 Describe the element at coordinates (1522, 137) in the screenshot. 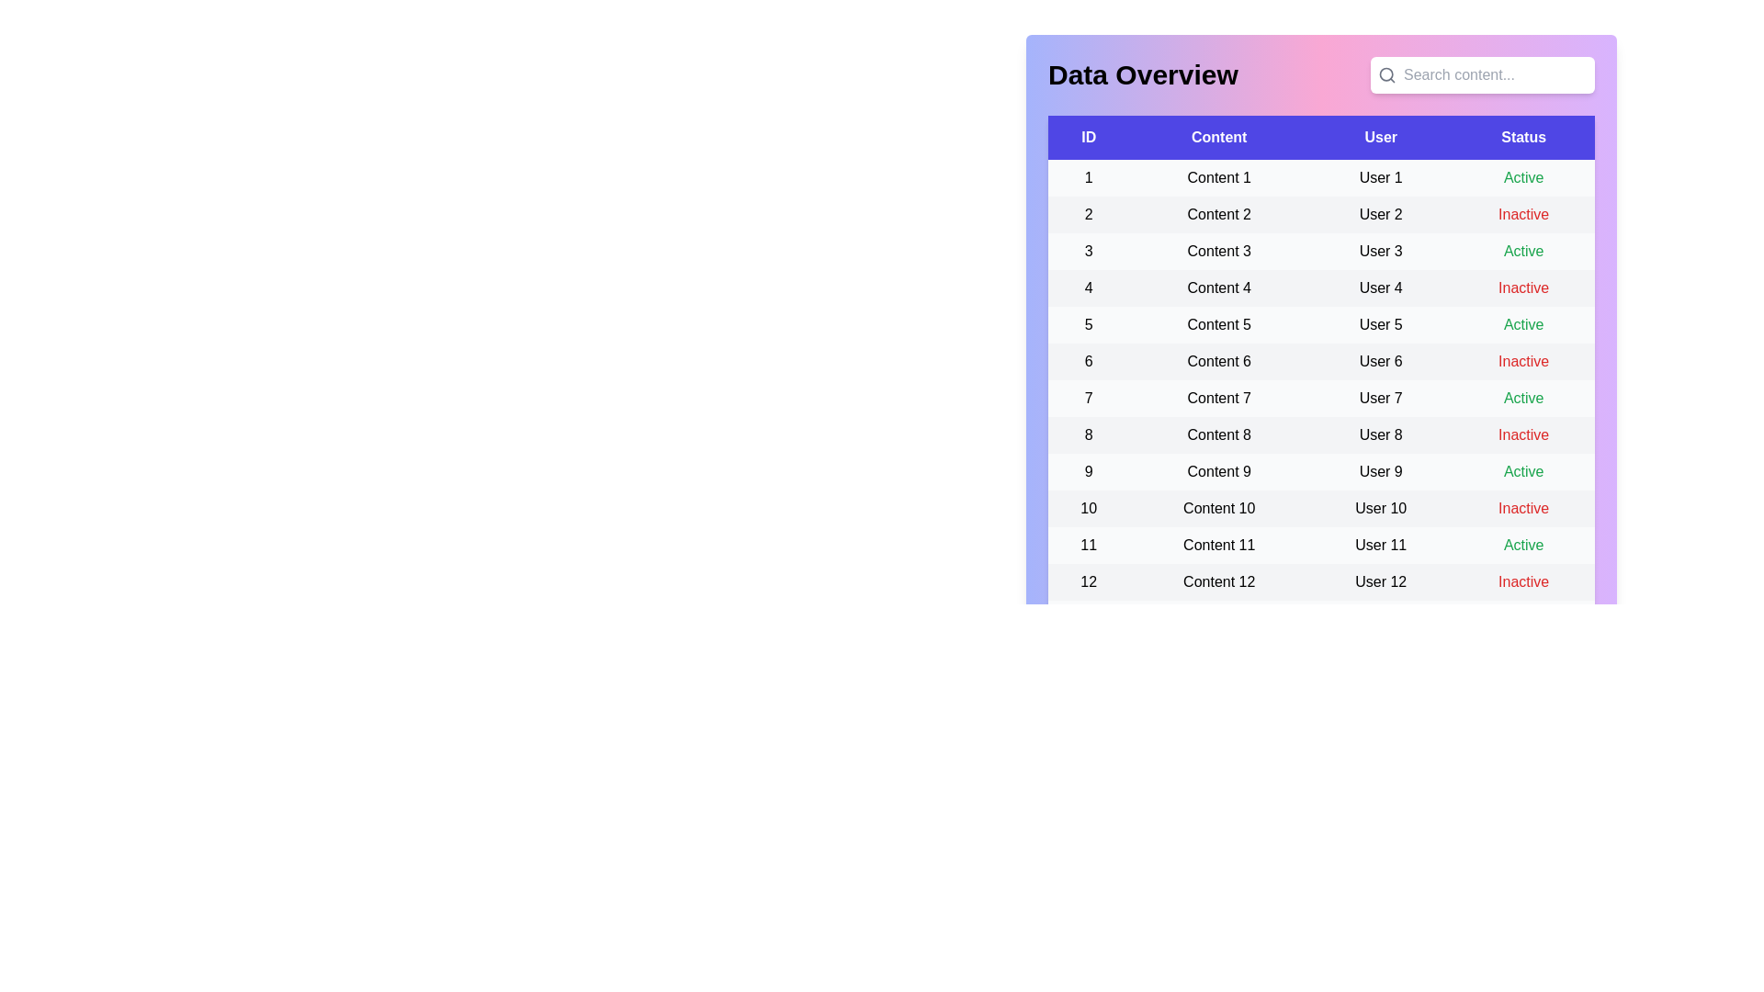

I see `the column header Status to sort the table by that column` at that location.